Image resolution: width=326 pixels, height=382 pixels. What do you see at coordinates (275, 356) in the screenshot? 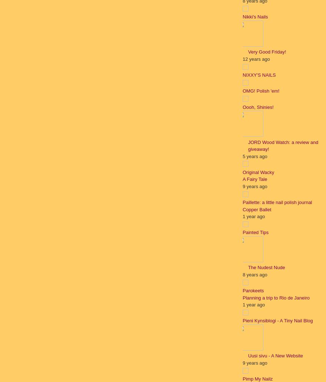
I see `'Uusi sivu - A New Website'` at bounding box center [275, 356].